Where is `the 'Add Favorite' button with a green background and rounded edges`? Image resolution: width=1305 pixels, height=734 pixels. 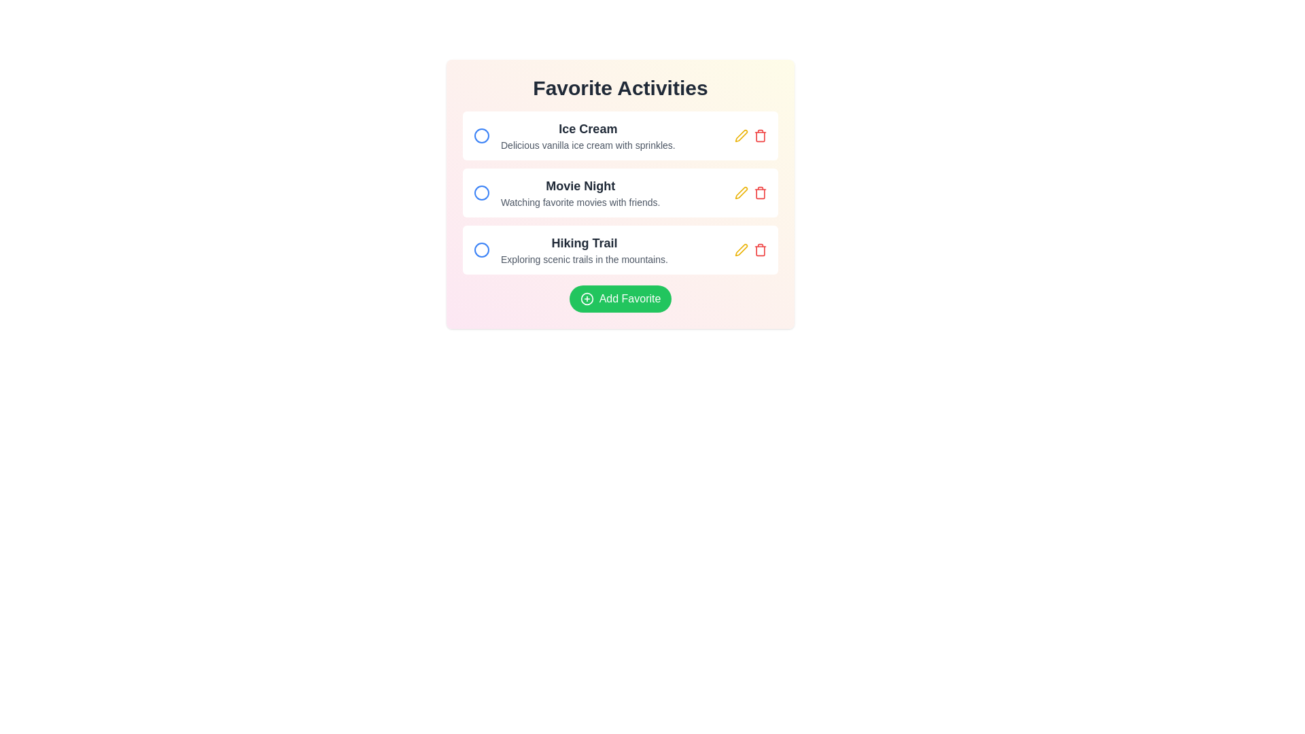
the 'Add Favorite' button with a green background and rounded edges is located at coordinates (619, 298).